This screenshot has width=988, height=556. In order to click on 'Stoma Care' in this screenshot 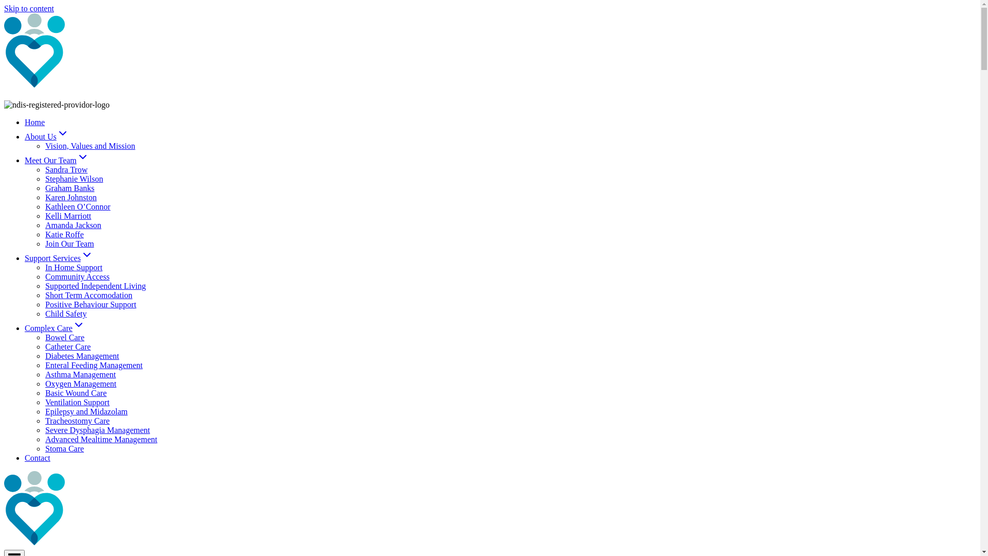, I will do `click(64, 448)`.